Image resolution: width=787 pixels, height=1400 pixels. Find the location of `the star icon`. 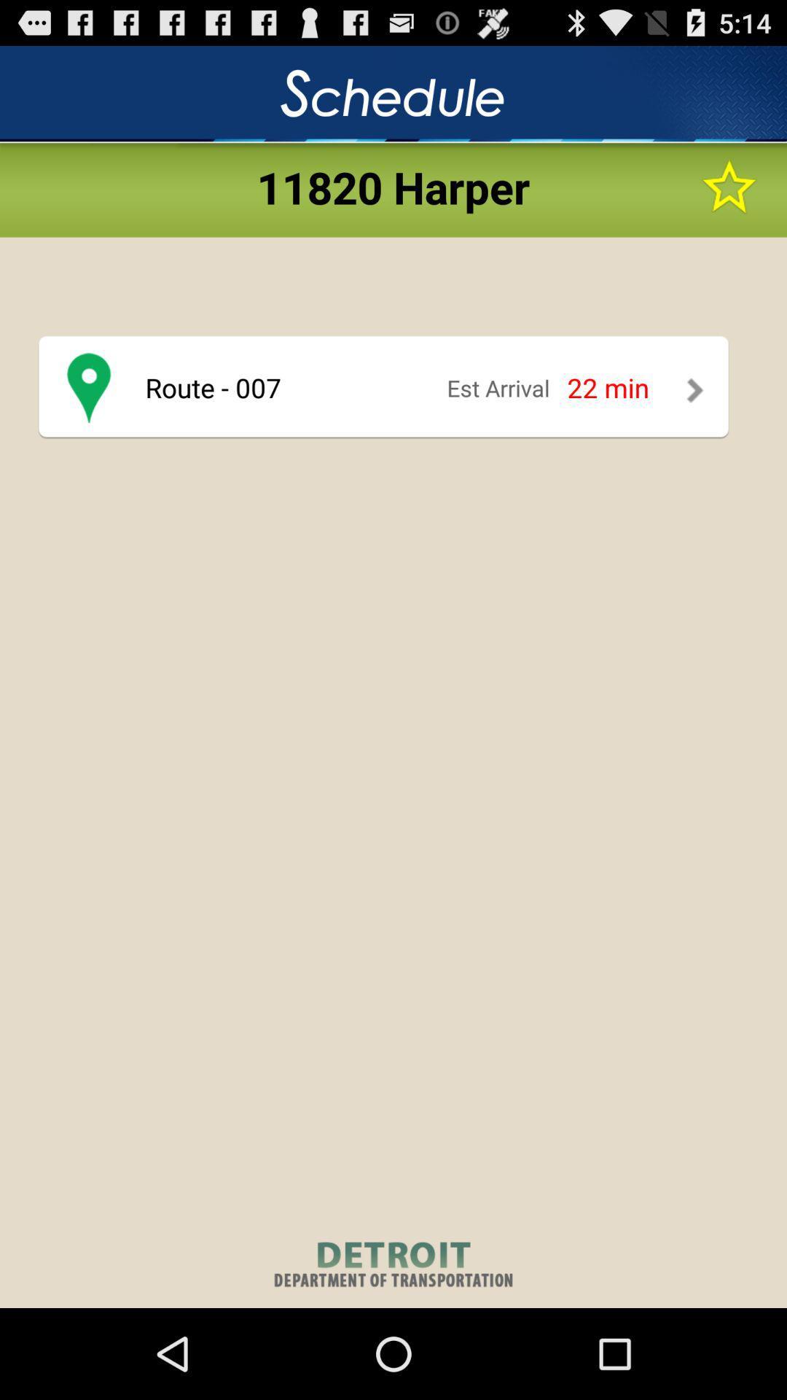

the star icon is located at coordinates (730, 202).